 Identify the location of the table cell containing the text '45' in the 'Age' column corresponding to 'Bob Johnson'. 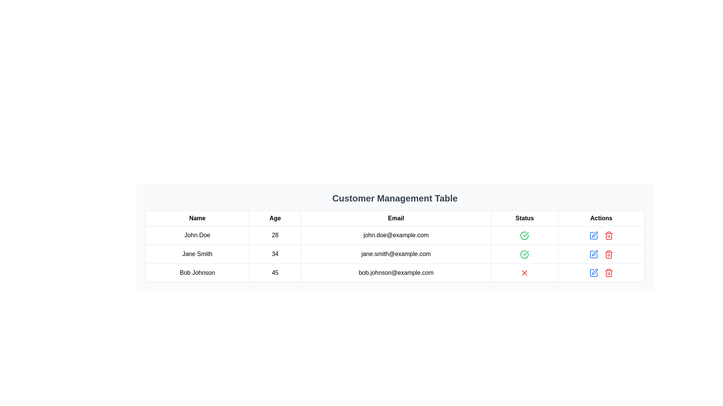
(275, 273).